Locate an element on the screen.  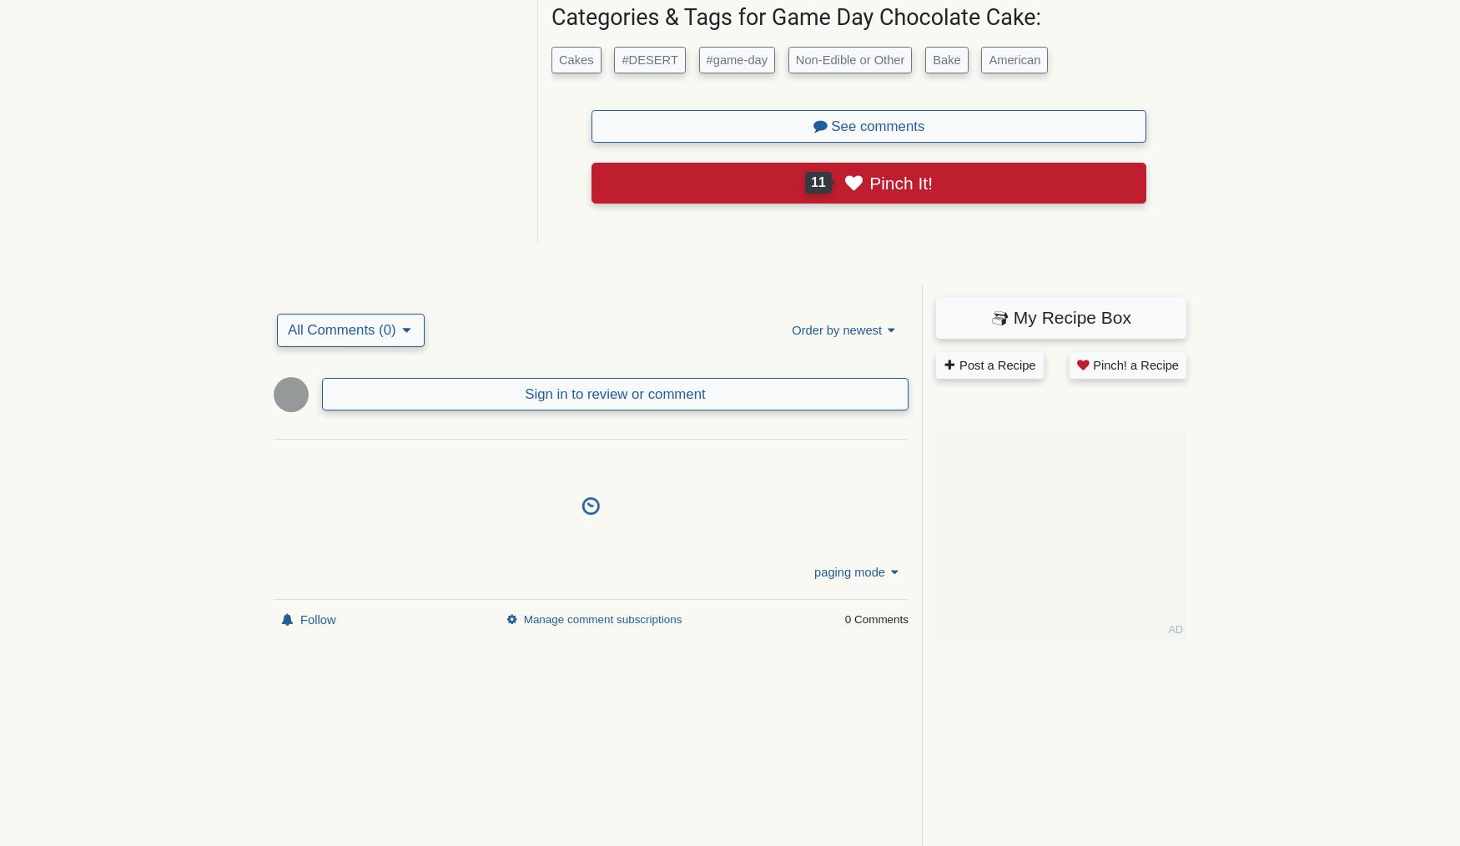
'Pinch! a Recipe' is located at coordinates (1134, 365).